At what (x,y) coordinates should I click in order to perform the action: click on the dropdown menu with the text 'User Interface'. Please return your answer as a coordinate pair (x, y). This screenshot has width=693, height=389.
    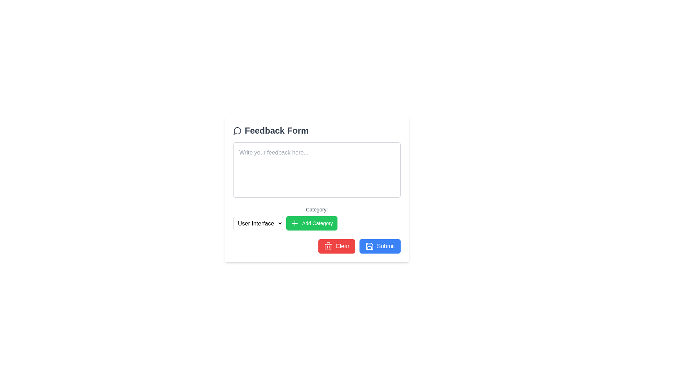
    Looking at the image, I should click on (258, 223).